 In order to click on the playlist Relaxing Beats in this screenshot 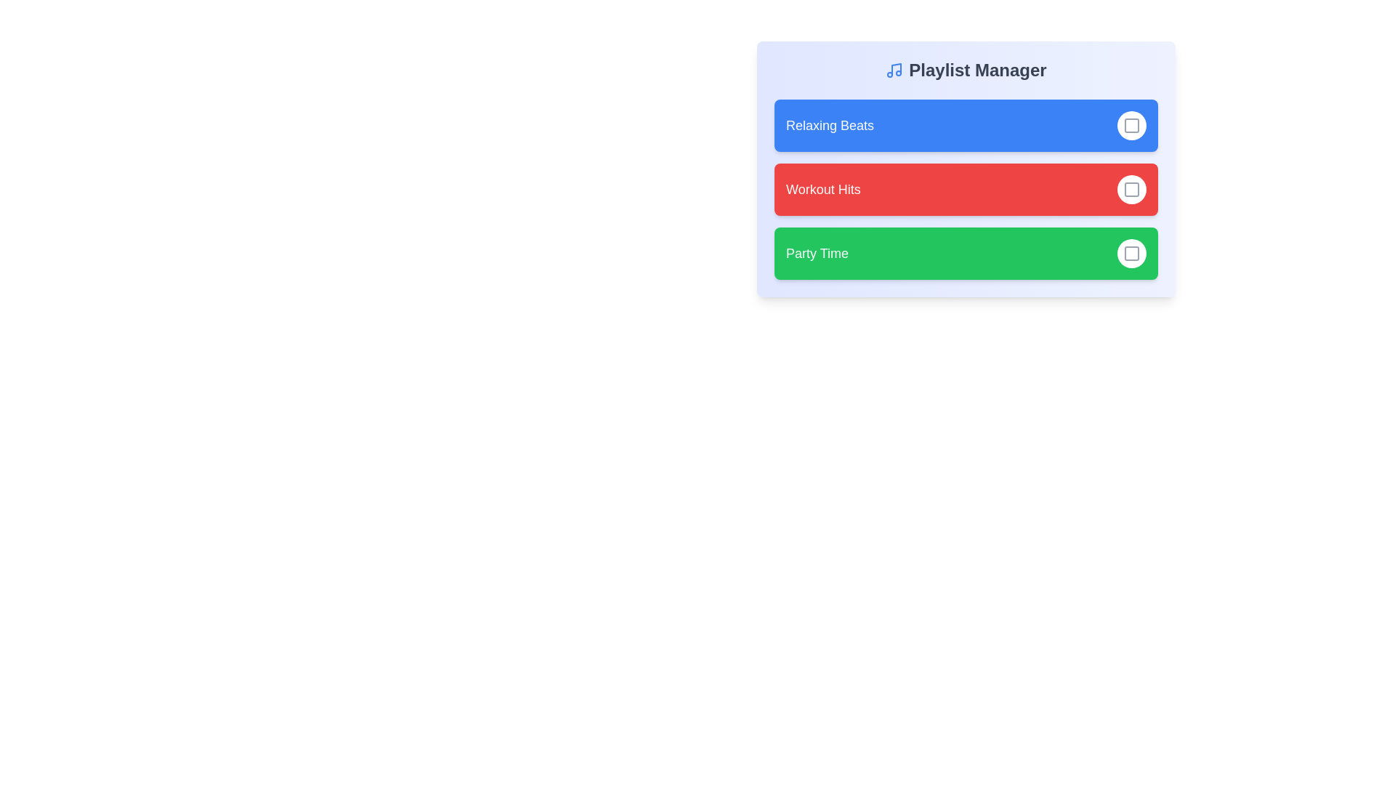, I will do `click(1131, 125)`.